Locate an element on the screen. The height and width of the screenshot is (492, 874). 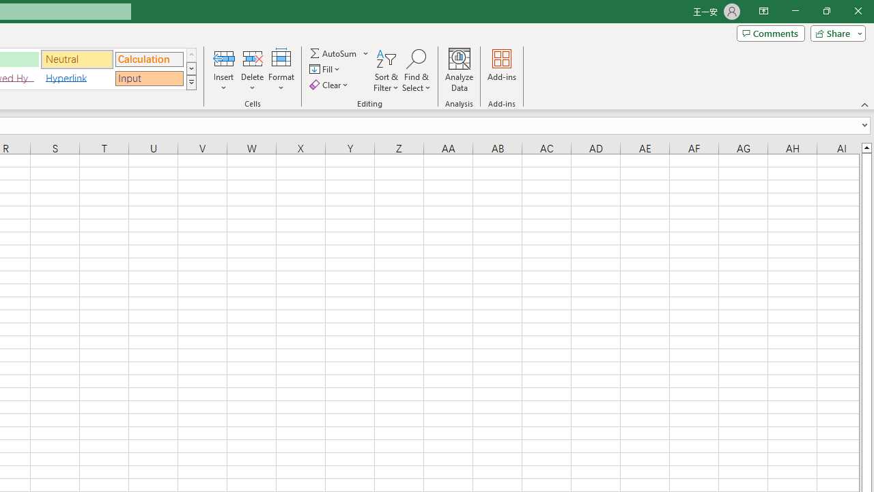
'Close' is located at coordinates (857, 11).